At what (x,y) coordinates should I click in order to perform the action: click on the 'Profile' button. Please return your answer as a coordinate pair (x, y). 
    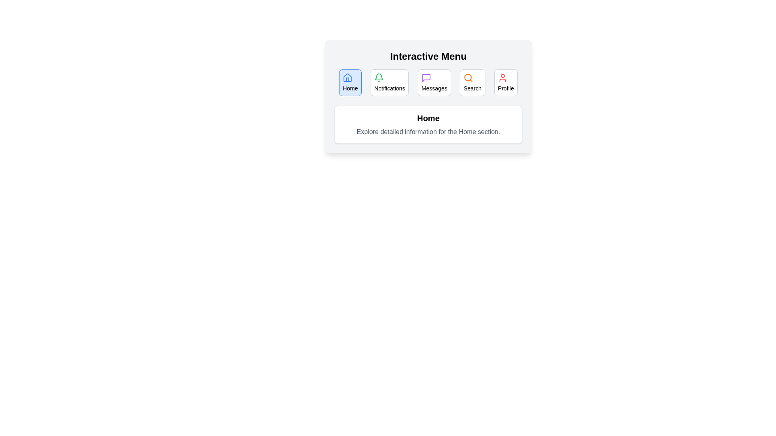
    Looking at the image, I should click on (505, 82).